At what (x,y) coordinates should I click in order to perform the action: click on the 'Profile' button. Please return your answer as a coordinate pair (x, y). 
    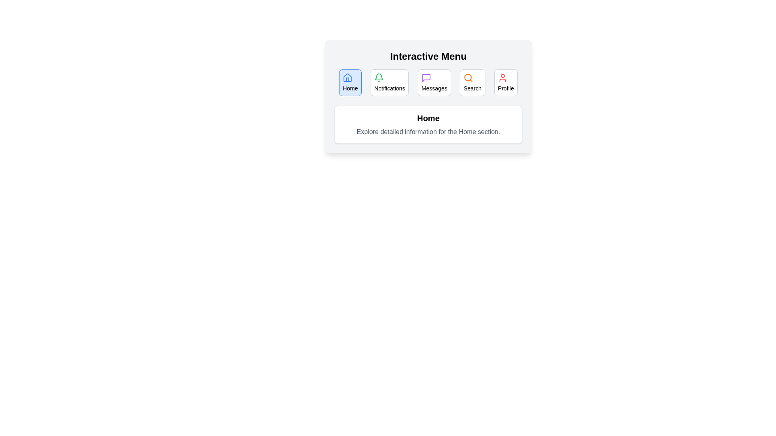
    Looking at the image, I should click on (505, 82).